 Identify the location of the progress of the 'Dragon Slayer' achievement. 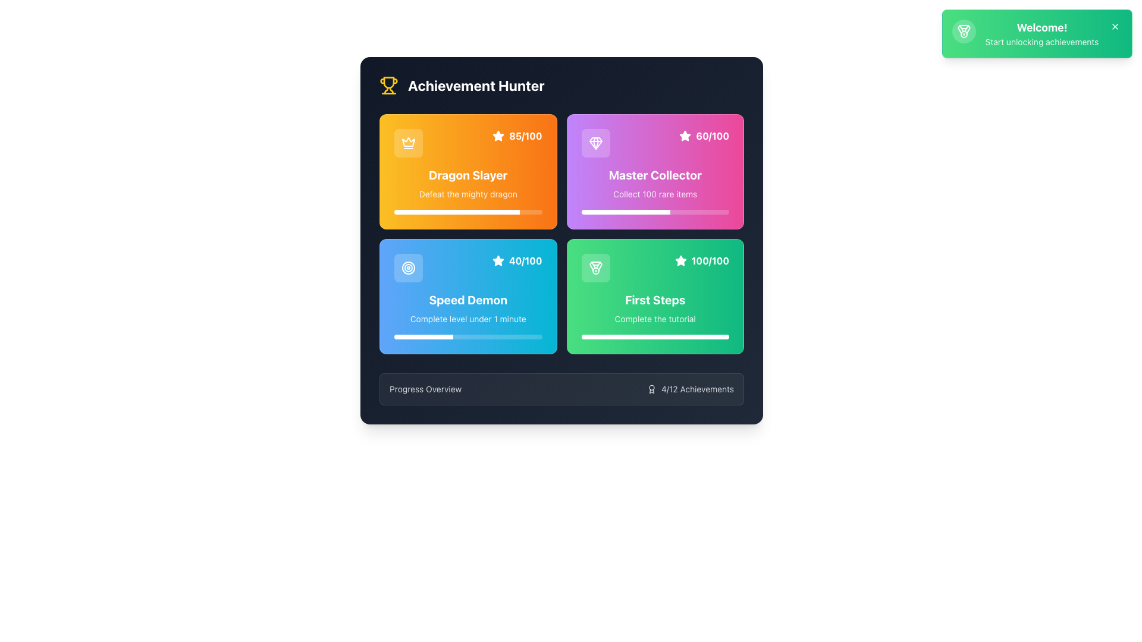
(397, 212).